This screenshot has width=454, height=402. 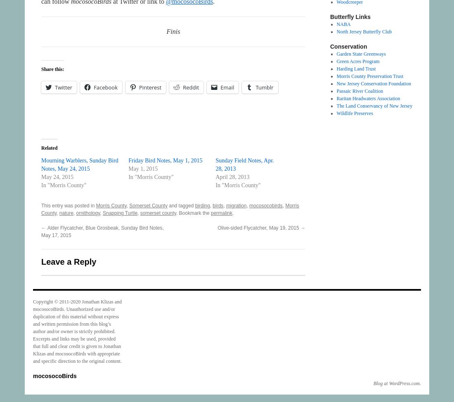 I want to click on 'Related', so click(x=49, y=147).